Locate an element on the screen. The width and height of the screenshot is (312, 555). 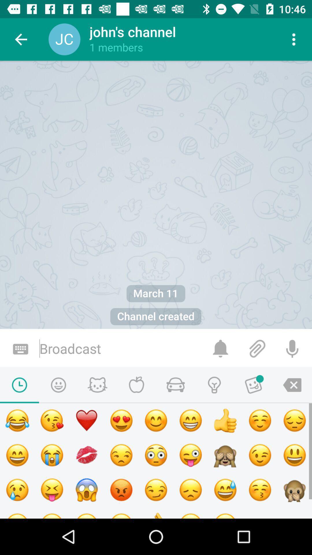
the emoji icon is located at coordinates (294, 455).